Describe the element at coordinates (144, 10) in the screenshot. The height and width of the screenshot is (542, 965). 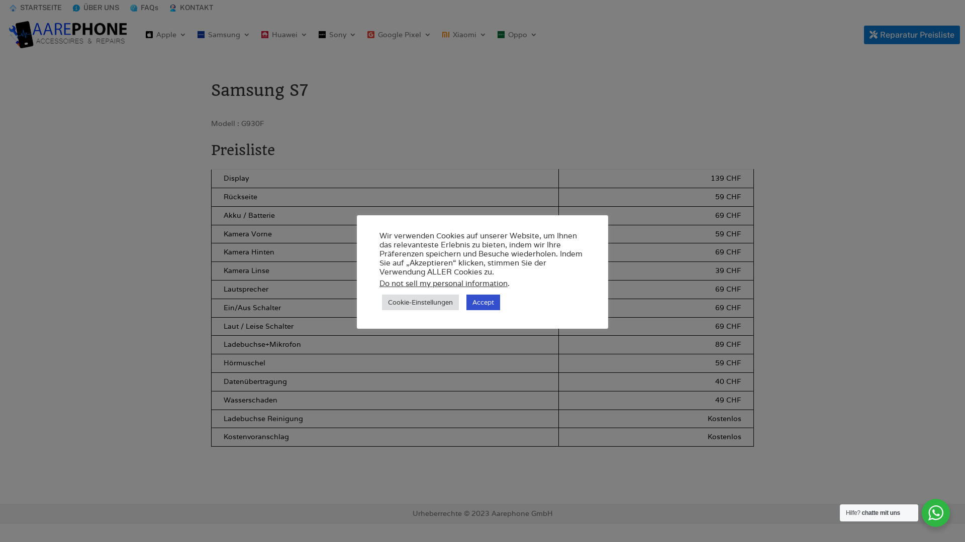
I see `'FAQs'` at that location.